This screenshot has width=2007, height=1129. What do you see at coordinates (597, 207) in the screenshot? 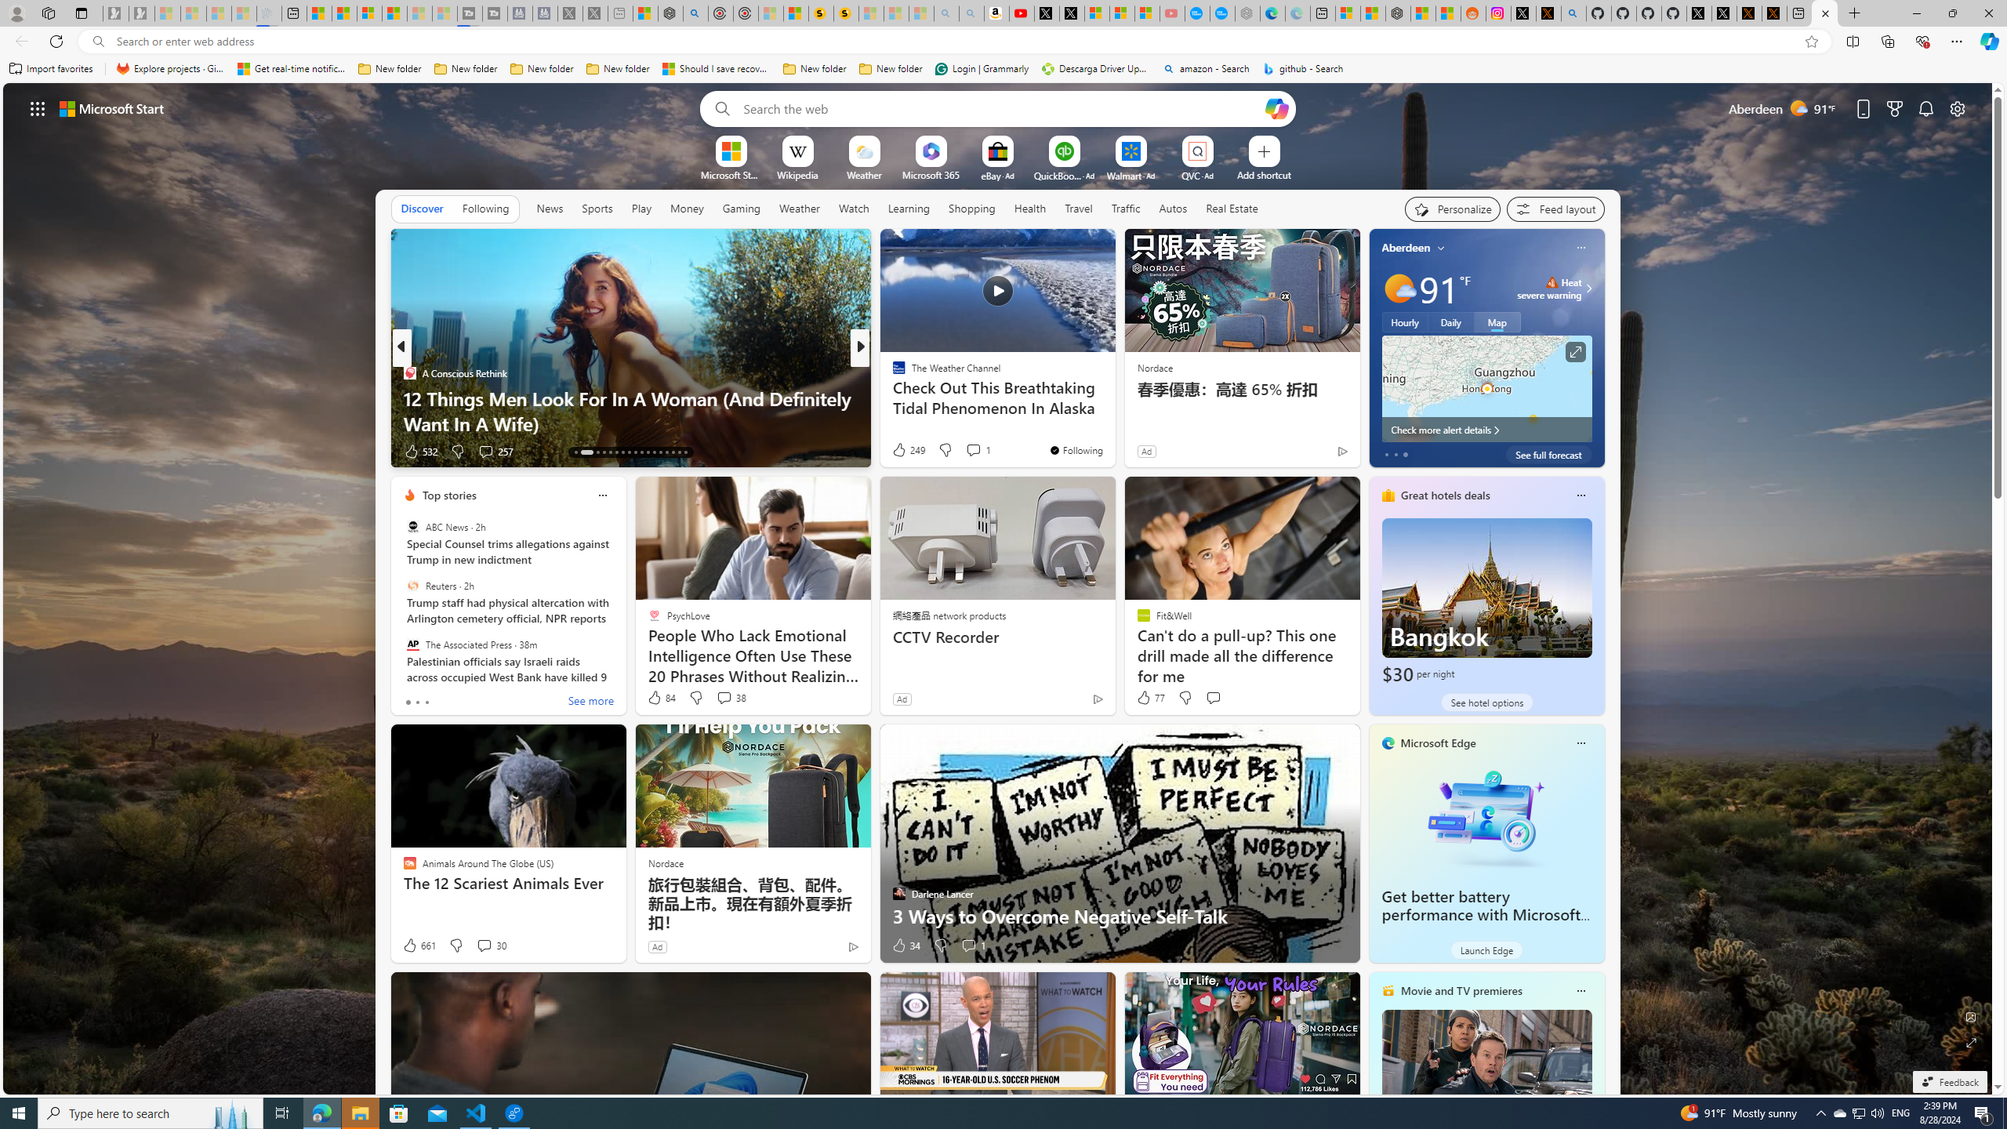
I see `'Sports'` at bounding box center [597, 207].